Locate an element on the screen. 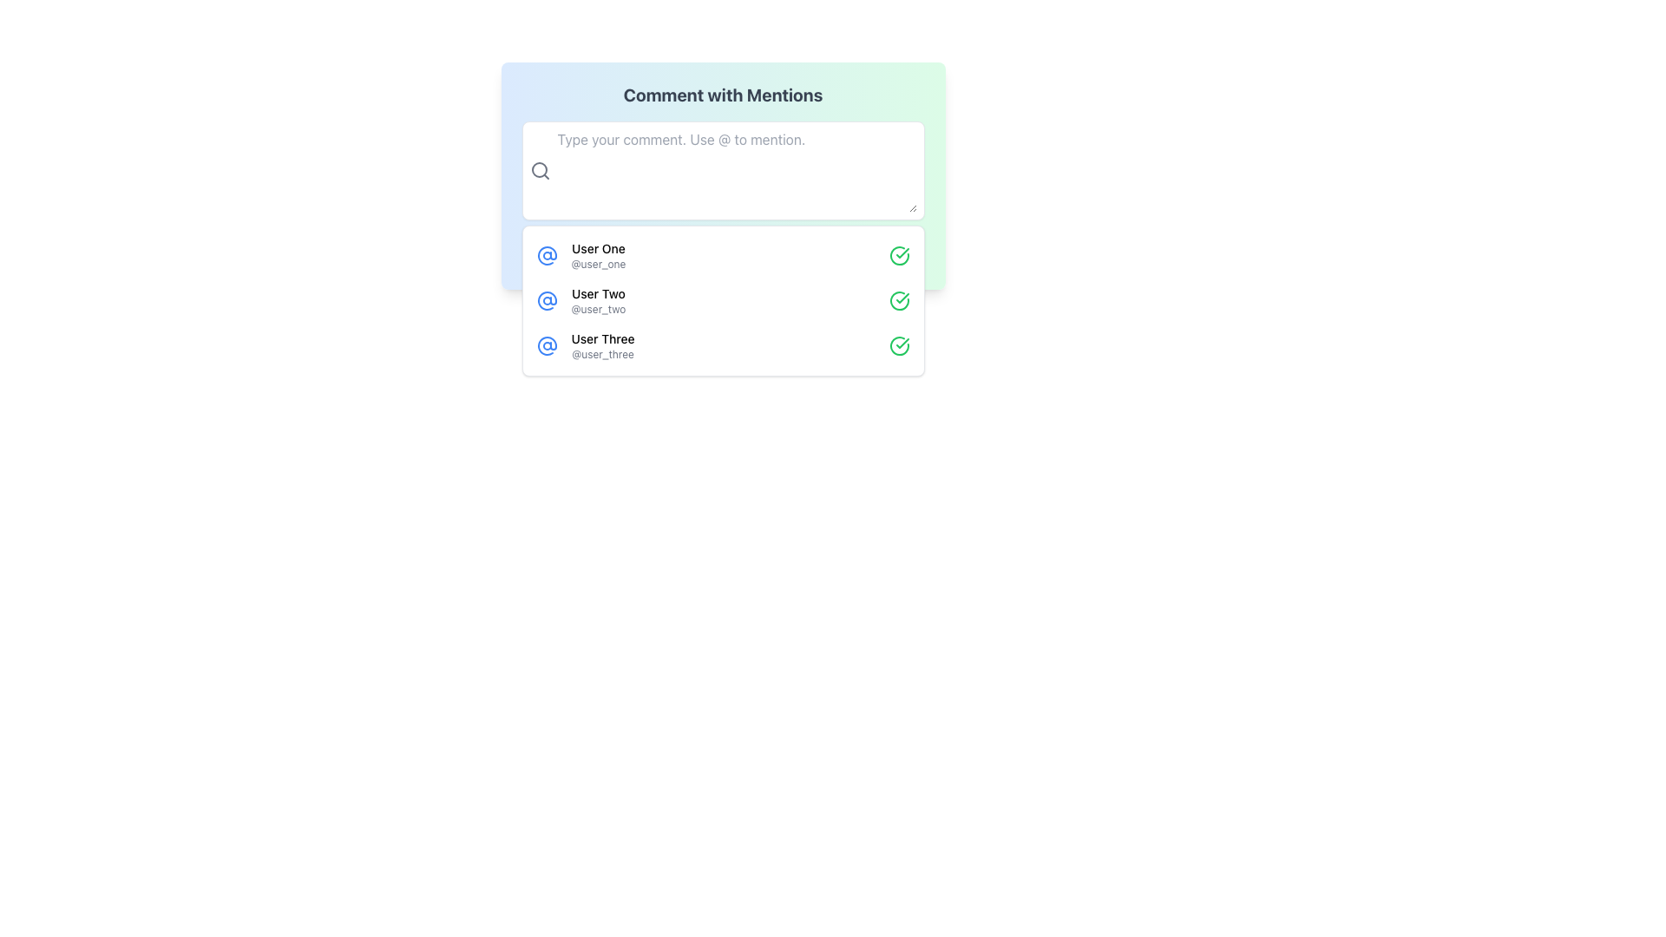  the search icon located at the top-left corner of the comment input field is located at coordinates (538, 170).